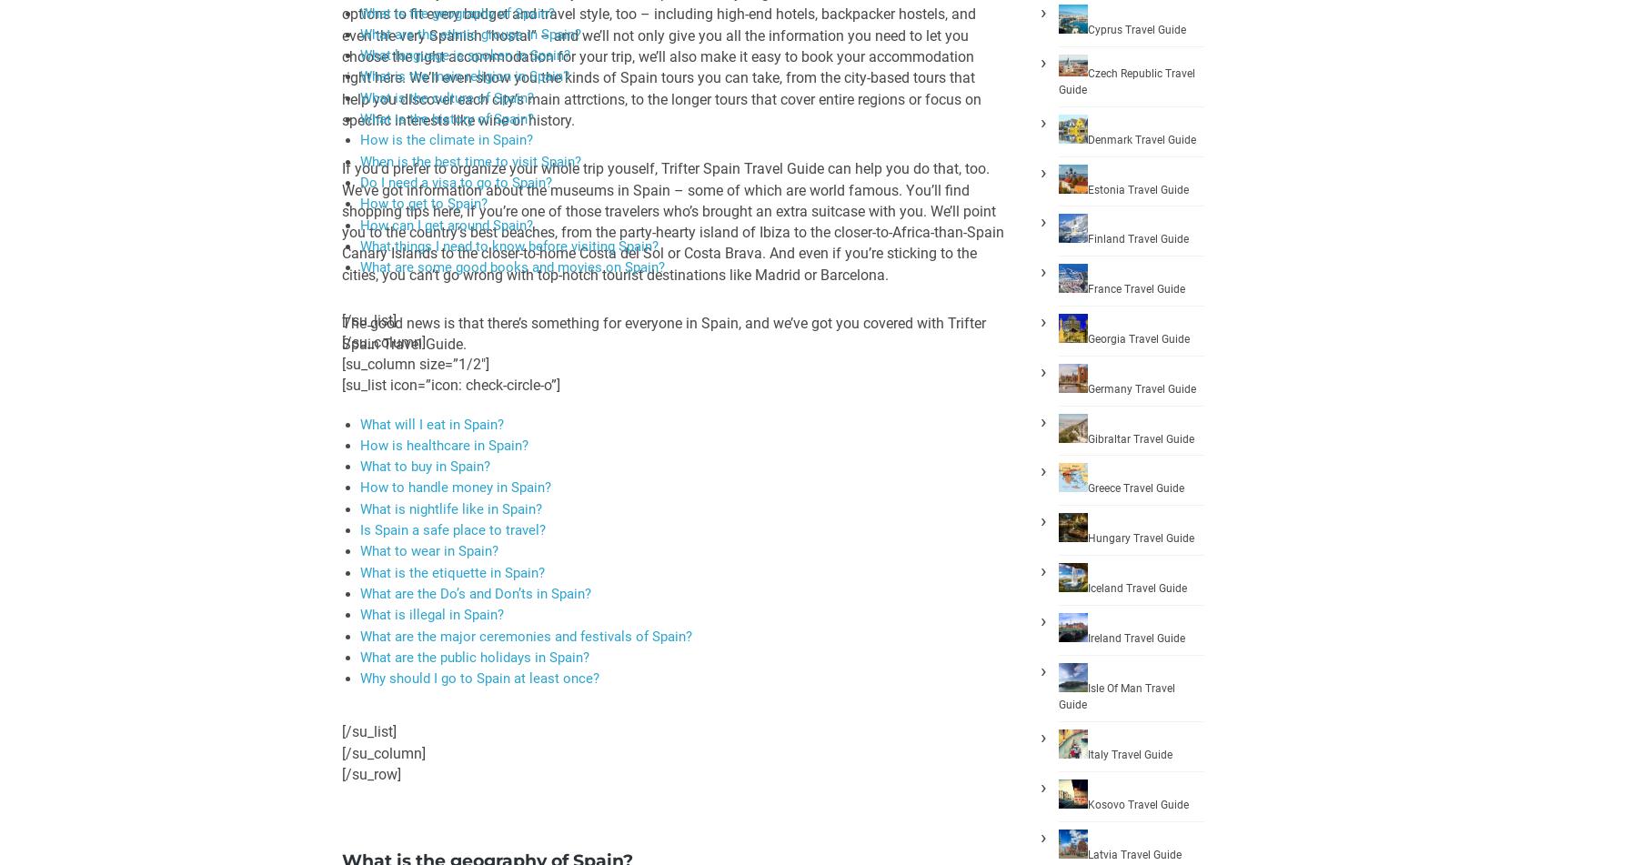  Describe the element at coordinates (470, 160) in the screenshot. I see `'When is the best time to visit Spain?'` at that location.